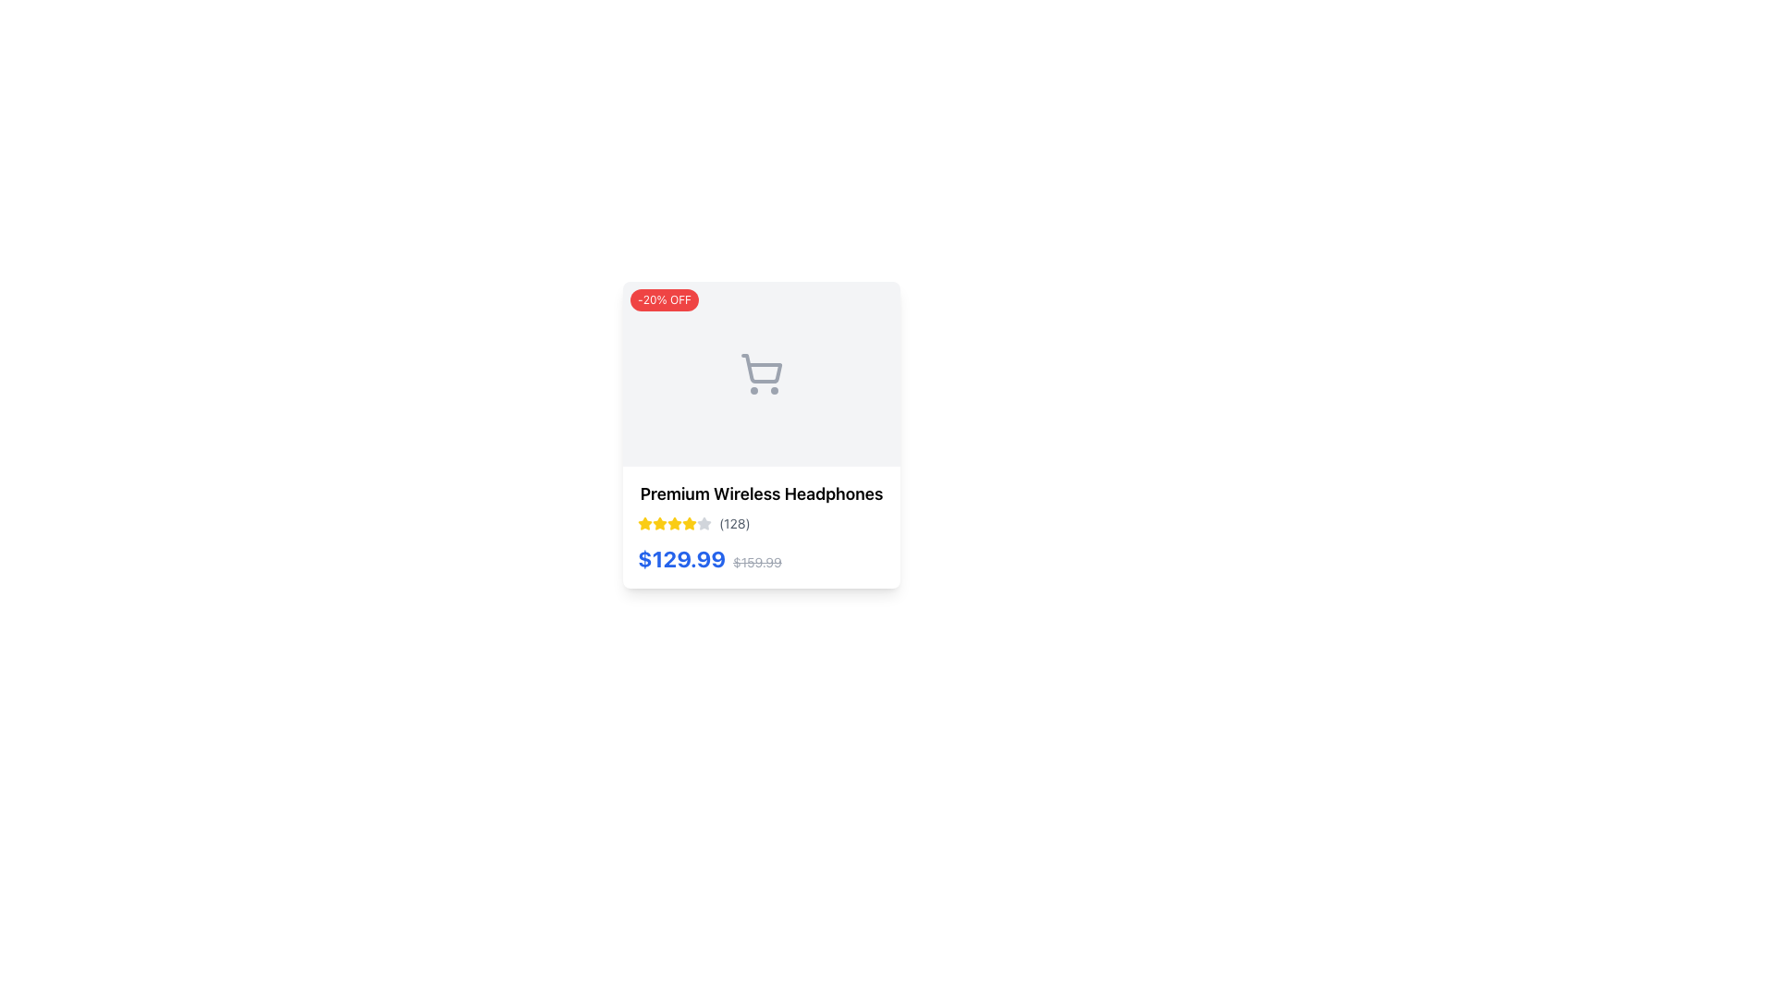  I want to click on the third star icon in the rating section of the 'Premium Wireless Headphones' product to interact with the rating system, so click(673, 523).